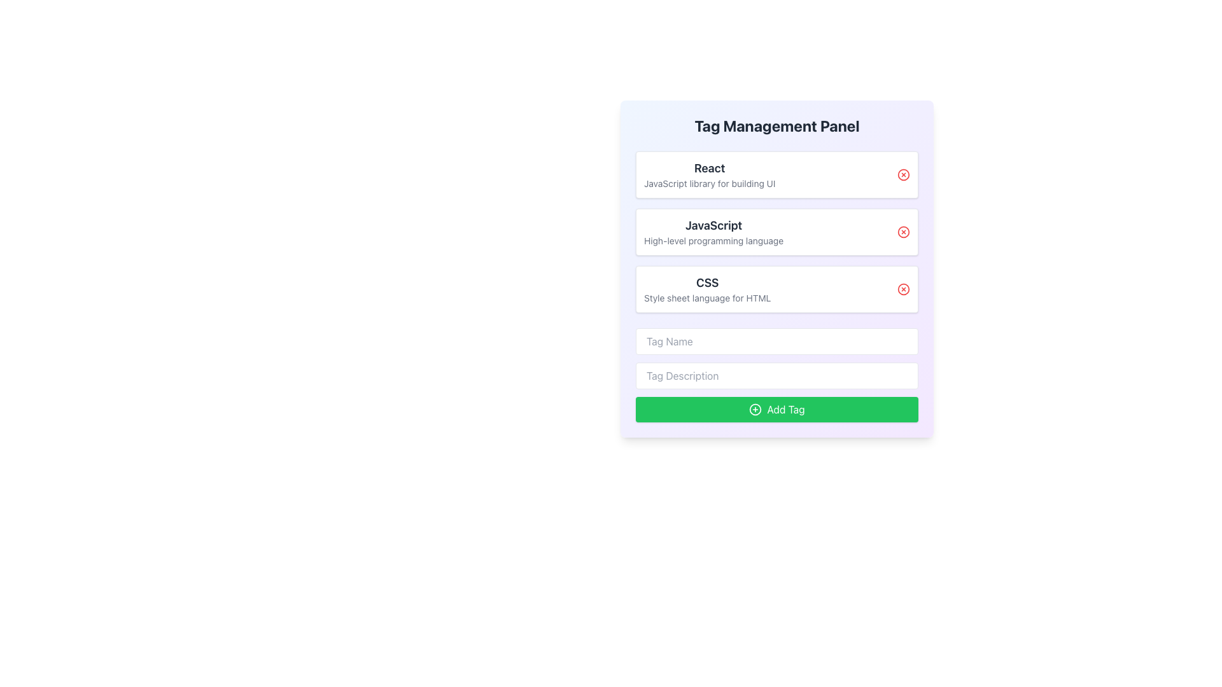  I want to click on the informational text label providing context about 'JavaScript' located below the bold text in the 'Tag Management Panel', so click(713, 240).